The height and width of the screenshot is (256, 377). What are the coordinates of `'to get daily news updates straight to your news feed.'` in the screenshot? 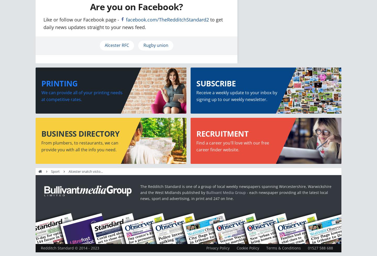 It's located at (133, 23).